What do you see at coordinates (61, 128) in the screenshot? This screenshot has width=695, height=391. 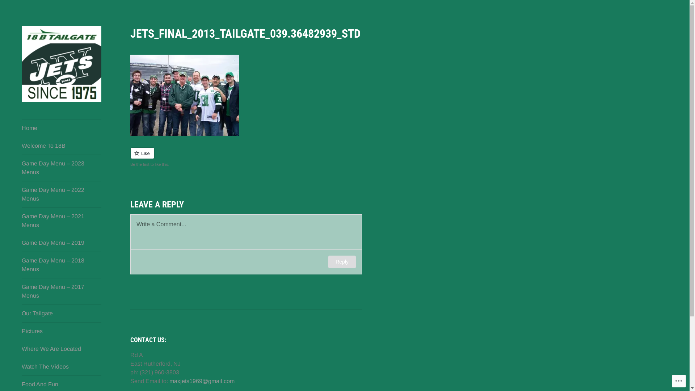 I see `'Home'` at bounding box center [61, 128].